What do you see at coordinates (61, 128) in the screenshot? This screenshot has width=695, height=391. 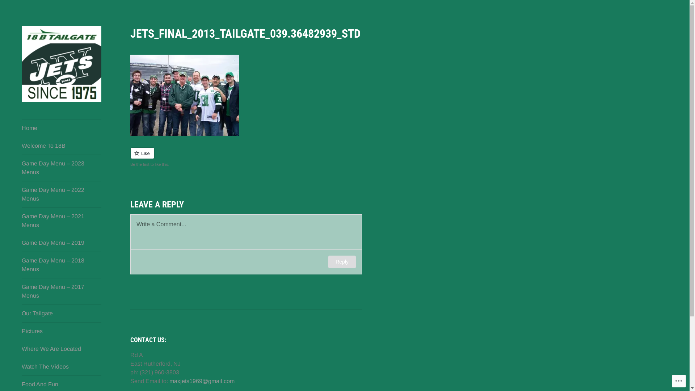 I see `'Home'` at bounding box center [61, 128].